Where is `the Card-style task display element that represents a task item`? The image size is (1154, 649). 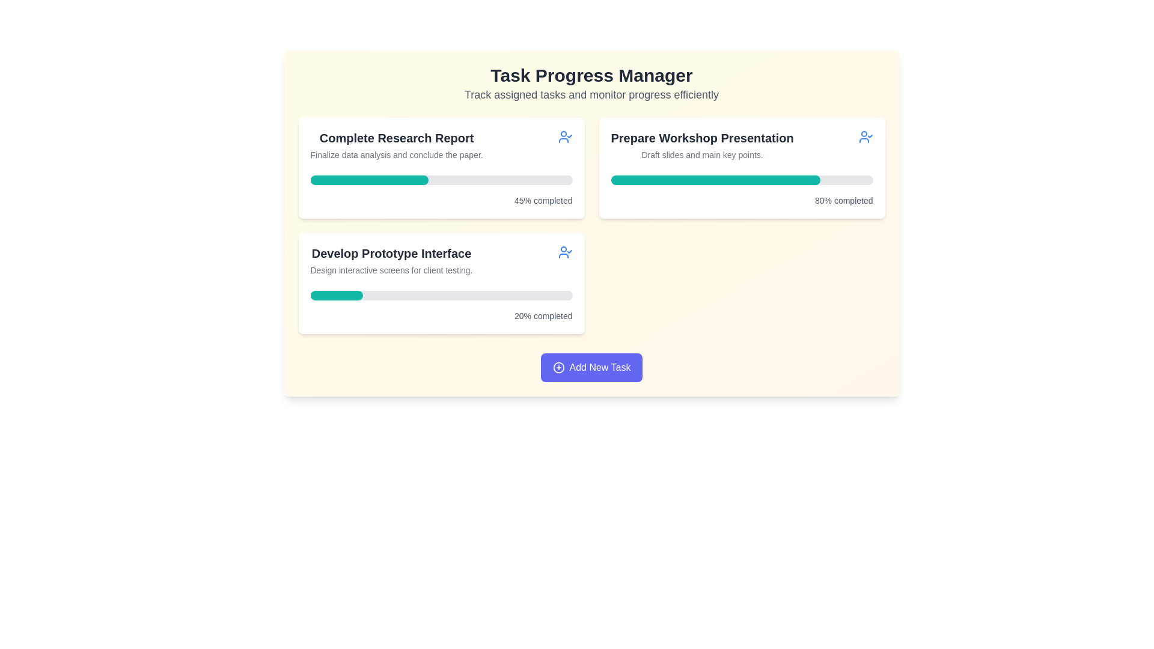 the Card-style task display element that represents a task item is located at coordinates (741, 168).